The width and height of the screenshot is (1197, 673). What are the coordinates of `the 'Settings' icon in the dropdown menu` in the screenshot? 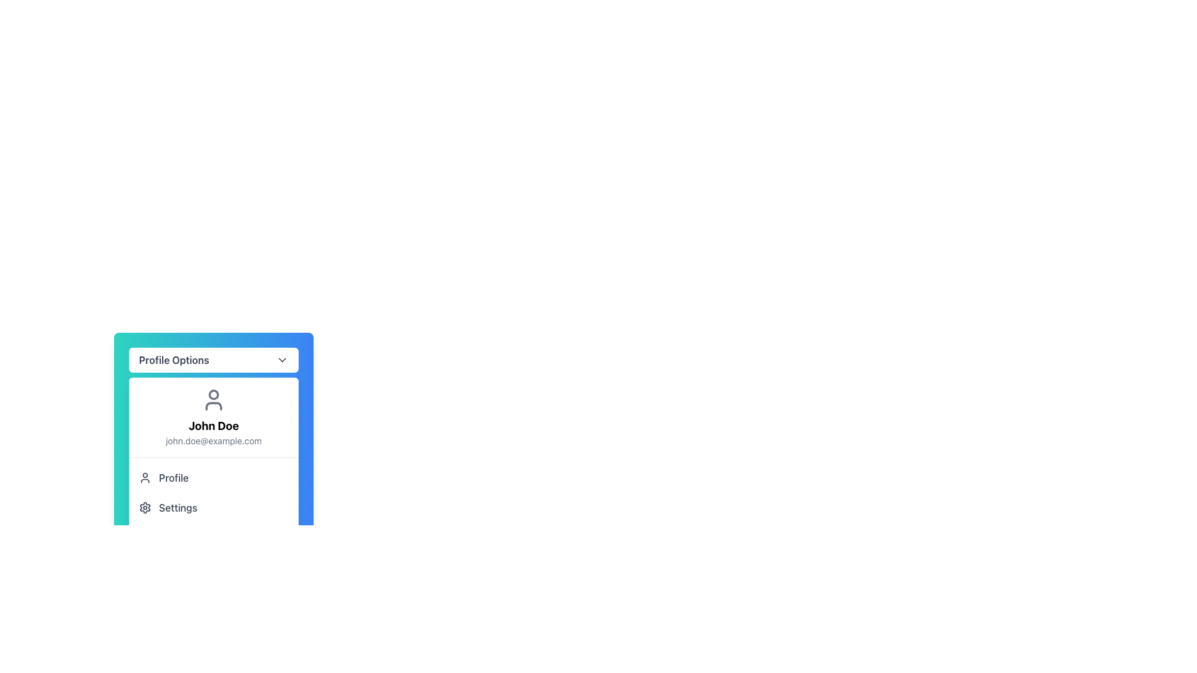 It's located at (145, 507).